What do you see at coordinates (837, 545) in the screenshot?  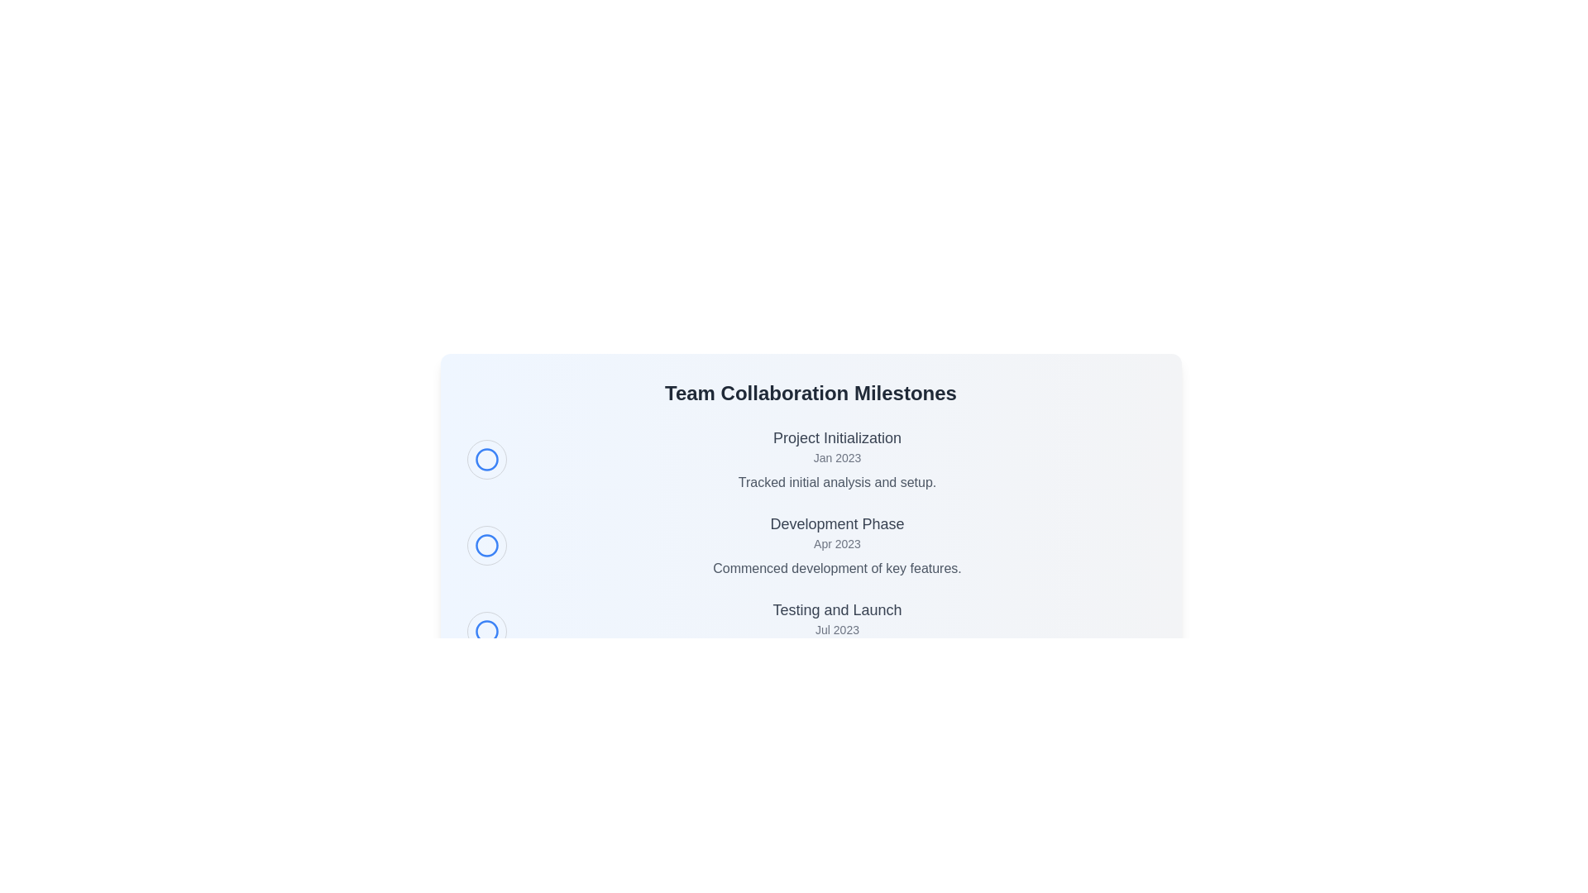 I see `the informational text block that provides key information about the 'Development Phase' milestone, positioned between 'Project Initialization' and 'Testing and Launch' milestones` at bounding box center [837, 545].